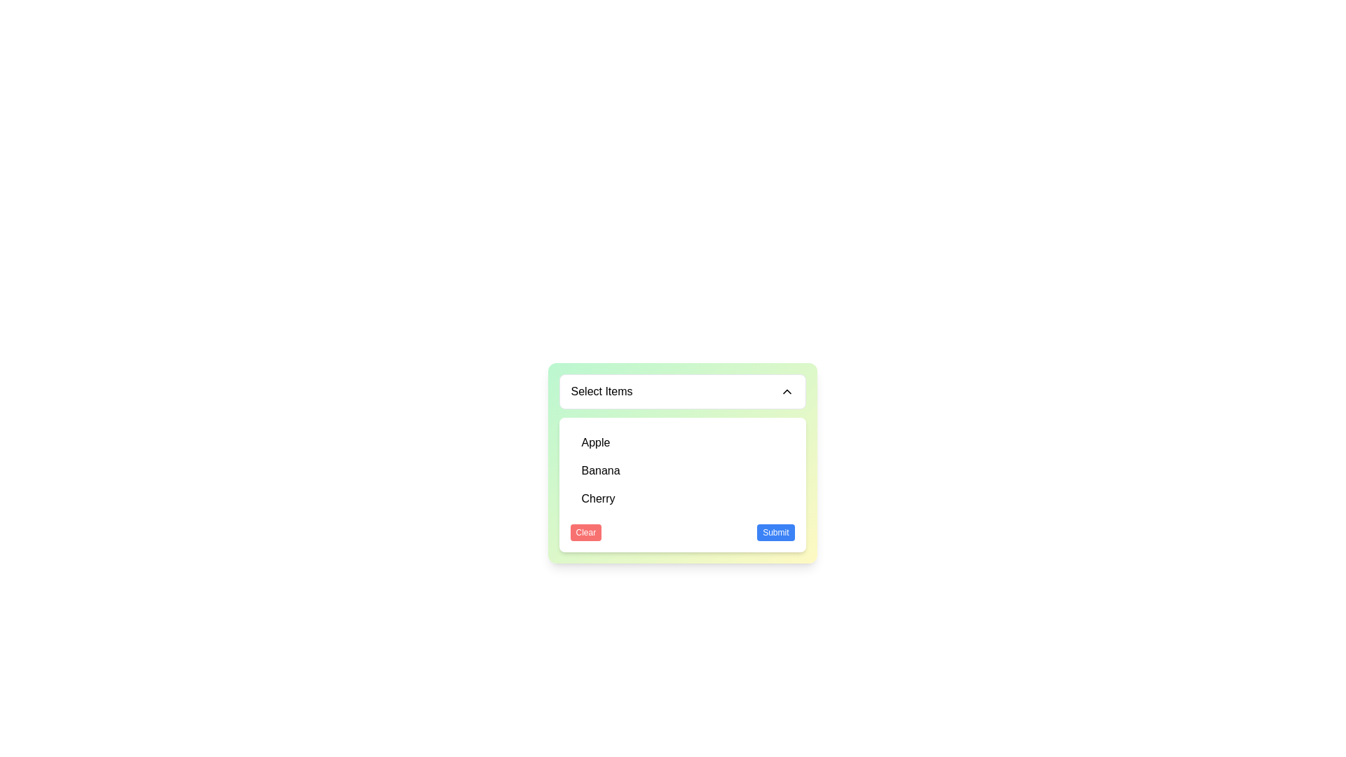 This screenshot has width=1346, height=757. I want to click on the dropdown list item labeled 'Cherry', so click(598, 498).